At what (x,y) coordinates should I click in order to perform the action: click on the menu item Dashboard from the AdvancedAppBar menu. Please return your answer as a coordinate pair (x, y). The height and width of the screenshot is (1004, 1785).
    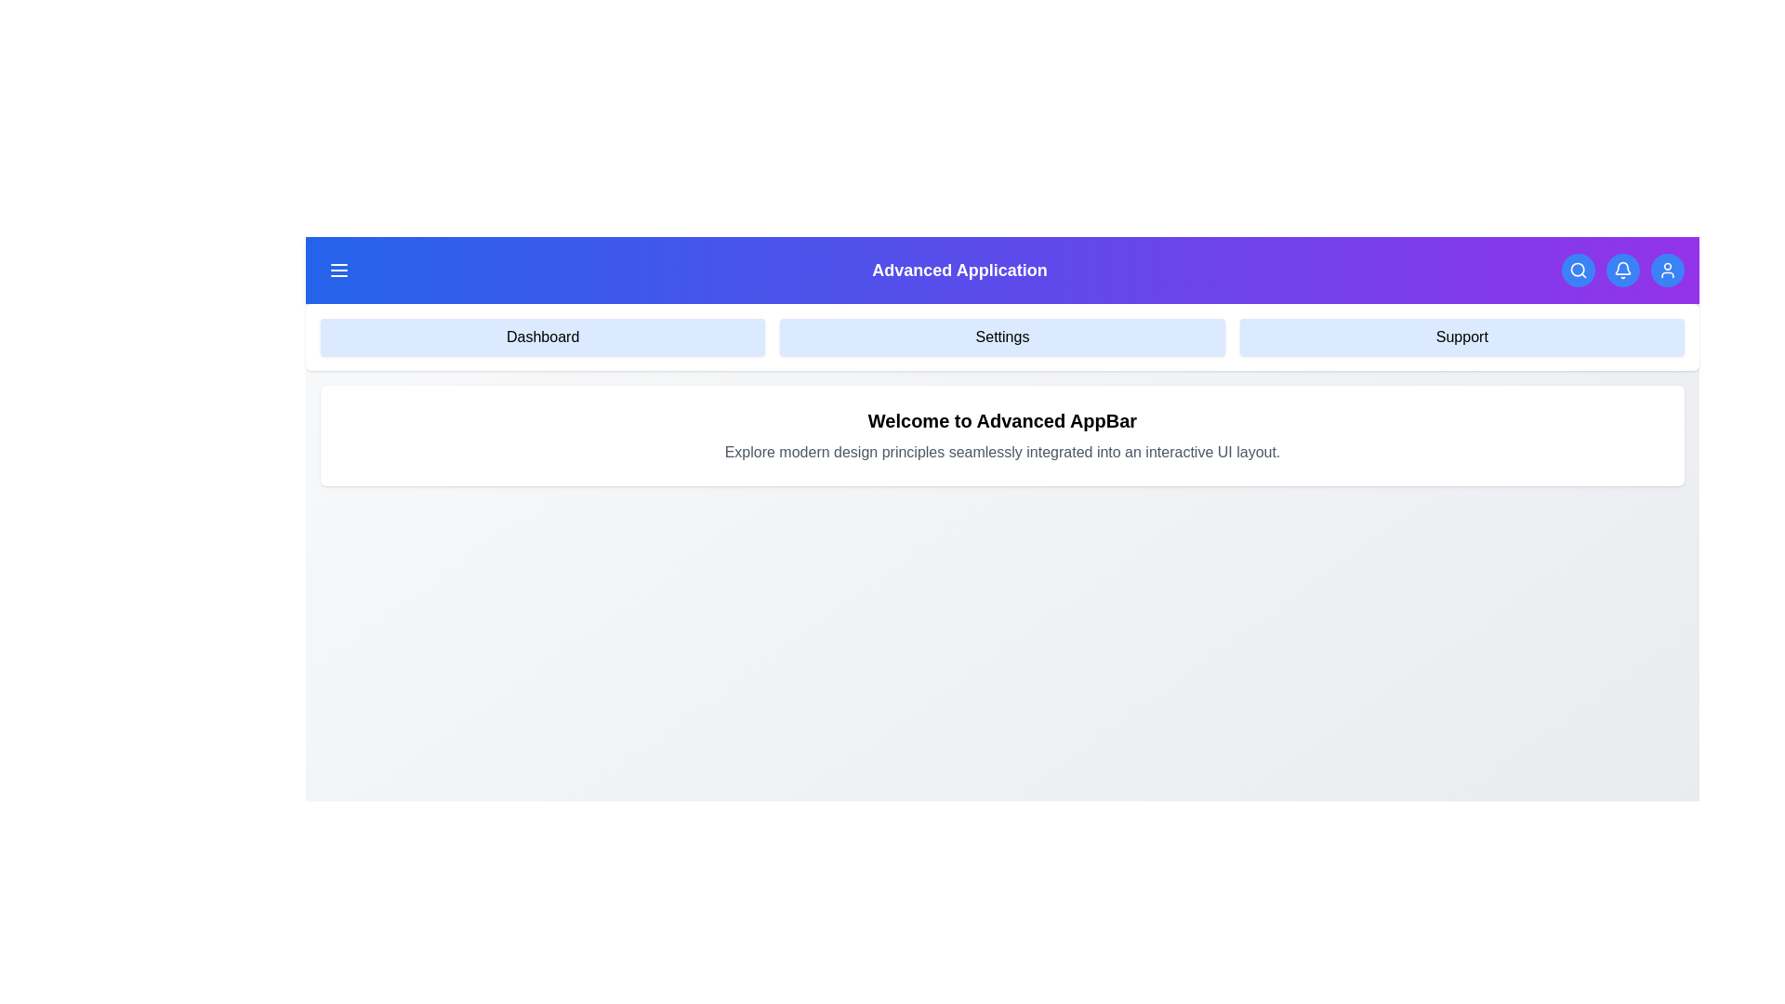
    Looking at the image, I should click on (542, 337).